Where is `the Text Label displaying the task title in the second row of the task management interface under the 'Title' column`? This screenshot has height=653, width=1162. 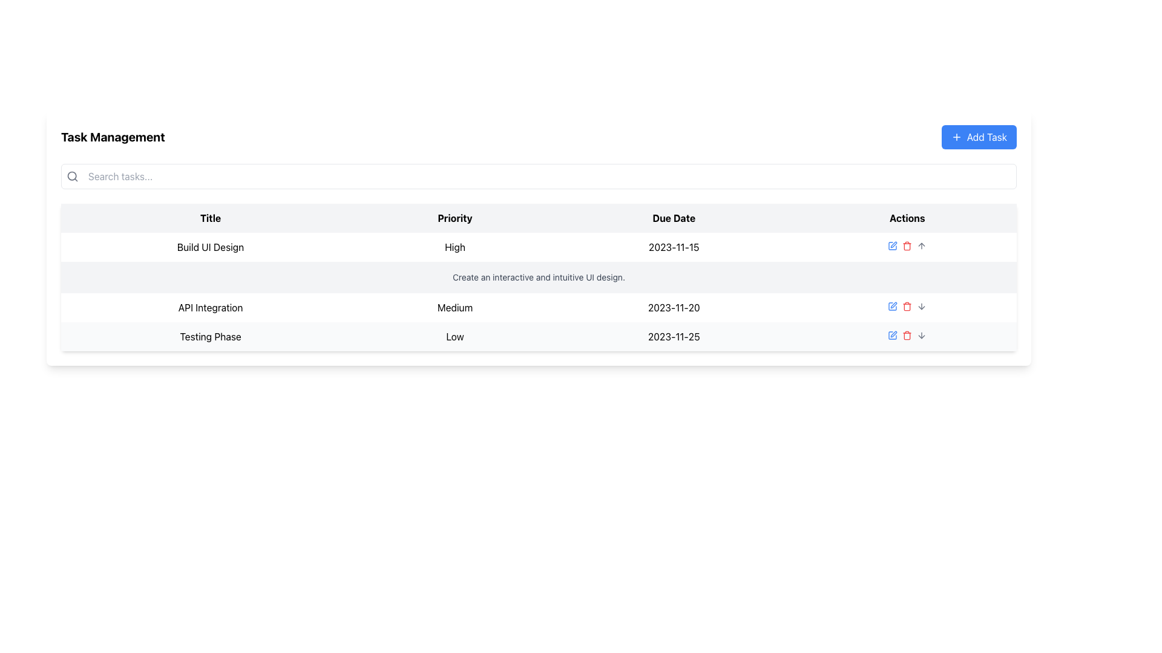 the Text Label displaying the task title in the second row of the task management interface under the 'Title' column is located at coordinates (211, 307).